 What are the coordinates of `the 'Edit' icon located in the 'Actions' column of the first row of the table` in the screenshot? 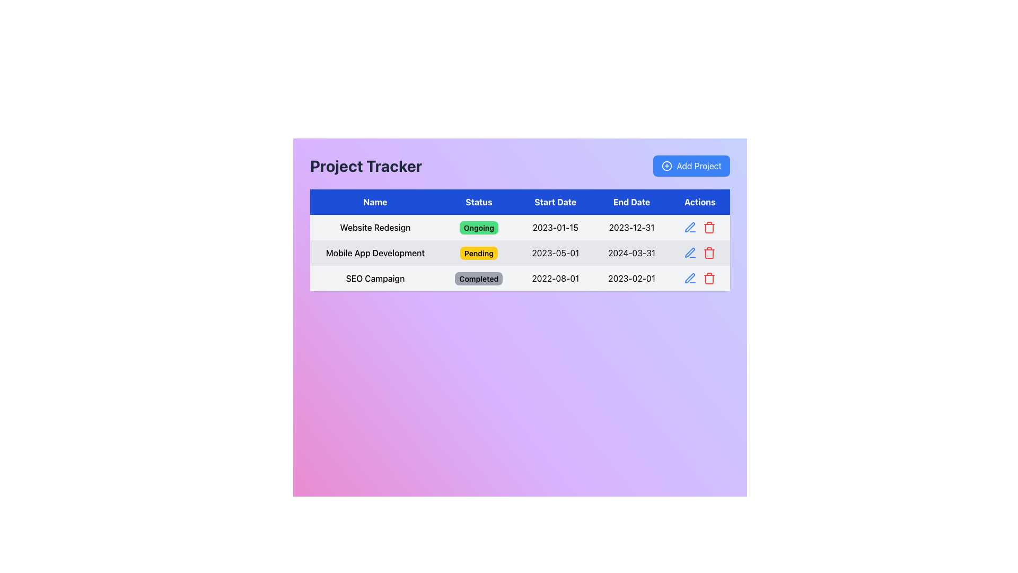 It's located at (689, 227).